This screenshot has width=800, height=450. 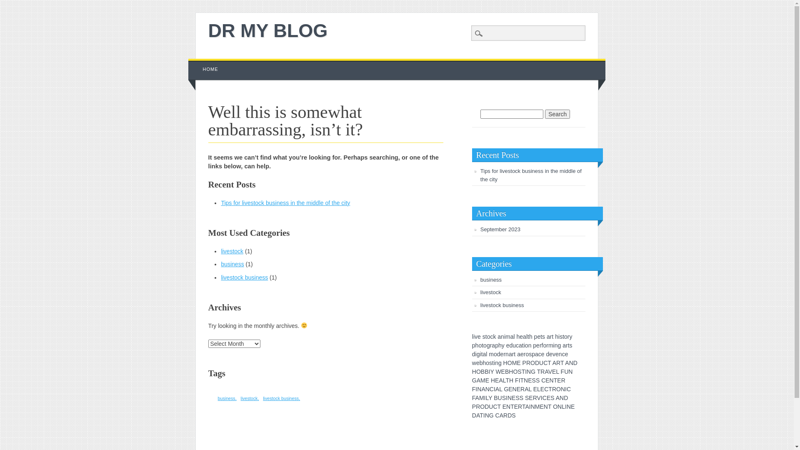 What do you see at coordinates (530, 175) in the screenshot?
I see `'Tips for livestock business in the middle of the city'` at bounding box center [530, 175].